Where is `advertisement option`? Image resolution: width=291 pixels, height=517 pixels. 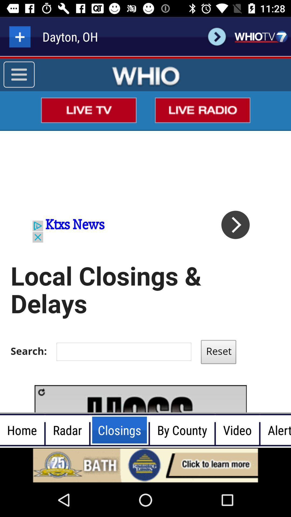
advertisement option is located at coordinates (145, 465).